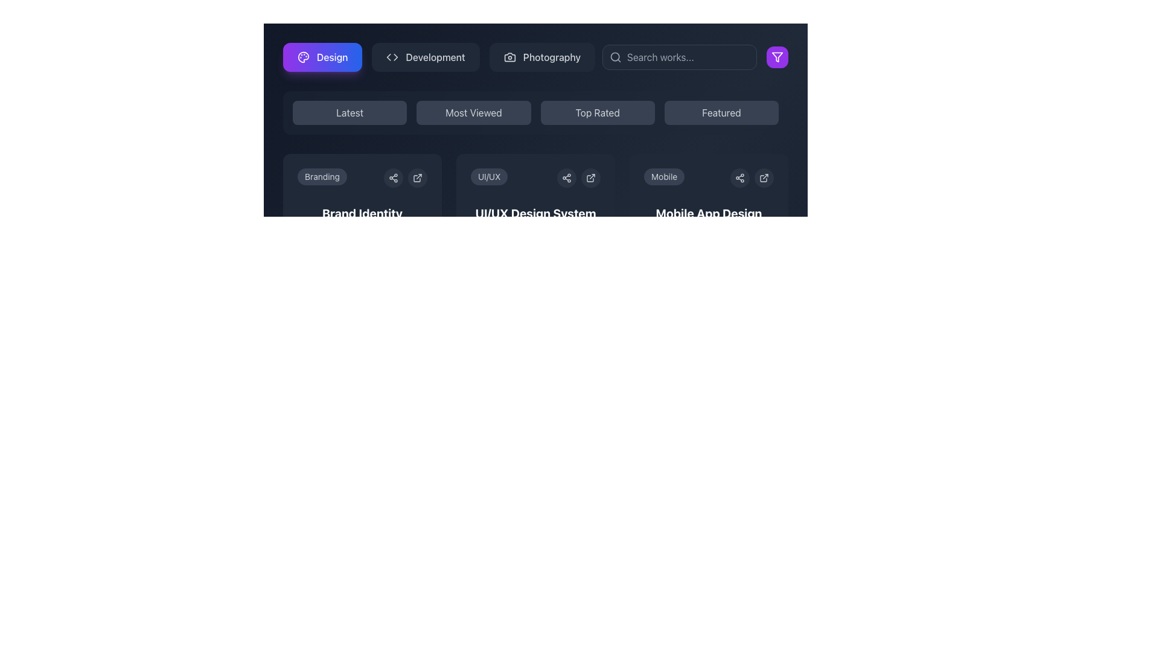 The image size is (1159, 652). I want to click on the share button located in the top right corner of the UI card labeled 'UI/UX Design System', which is the first button in a sequence of two circular buttons, so click(566, 177).